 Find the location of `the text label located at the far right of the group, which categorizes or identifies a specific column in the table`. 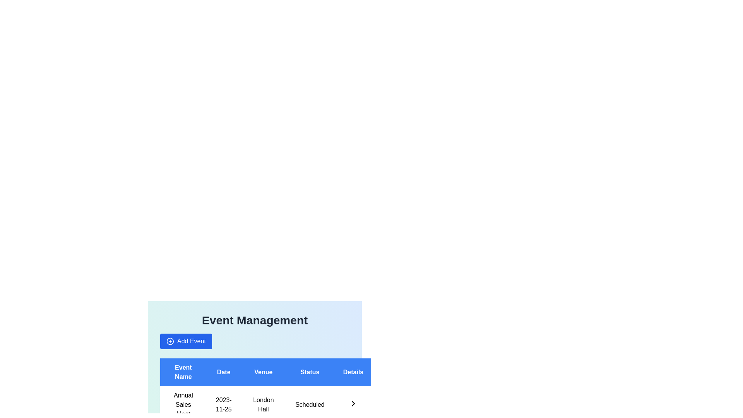

the text label located at the far right of the group, which categorizes or identifies a specific column in the table is located at coordinates (353, 372).